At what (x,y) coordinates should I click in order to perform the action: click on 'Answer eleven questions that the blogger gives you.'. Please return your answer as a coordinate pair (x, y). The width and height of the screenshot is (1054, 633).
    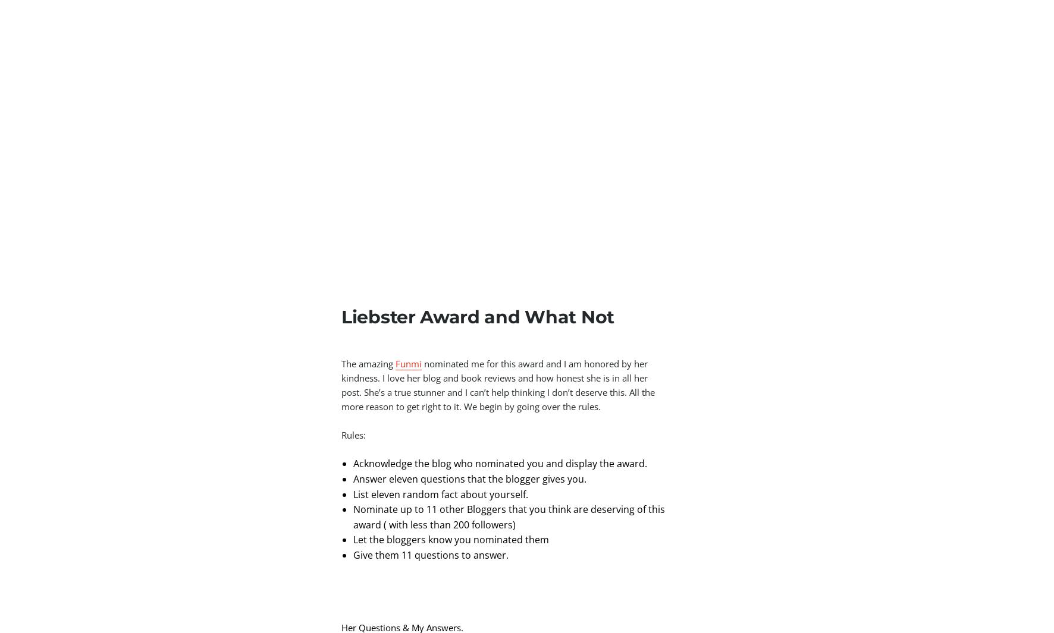
    Looking at the image, I should click on (353, 478).